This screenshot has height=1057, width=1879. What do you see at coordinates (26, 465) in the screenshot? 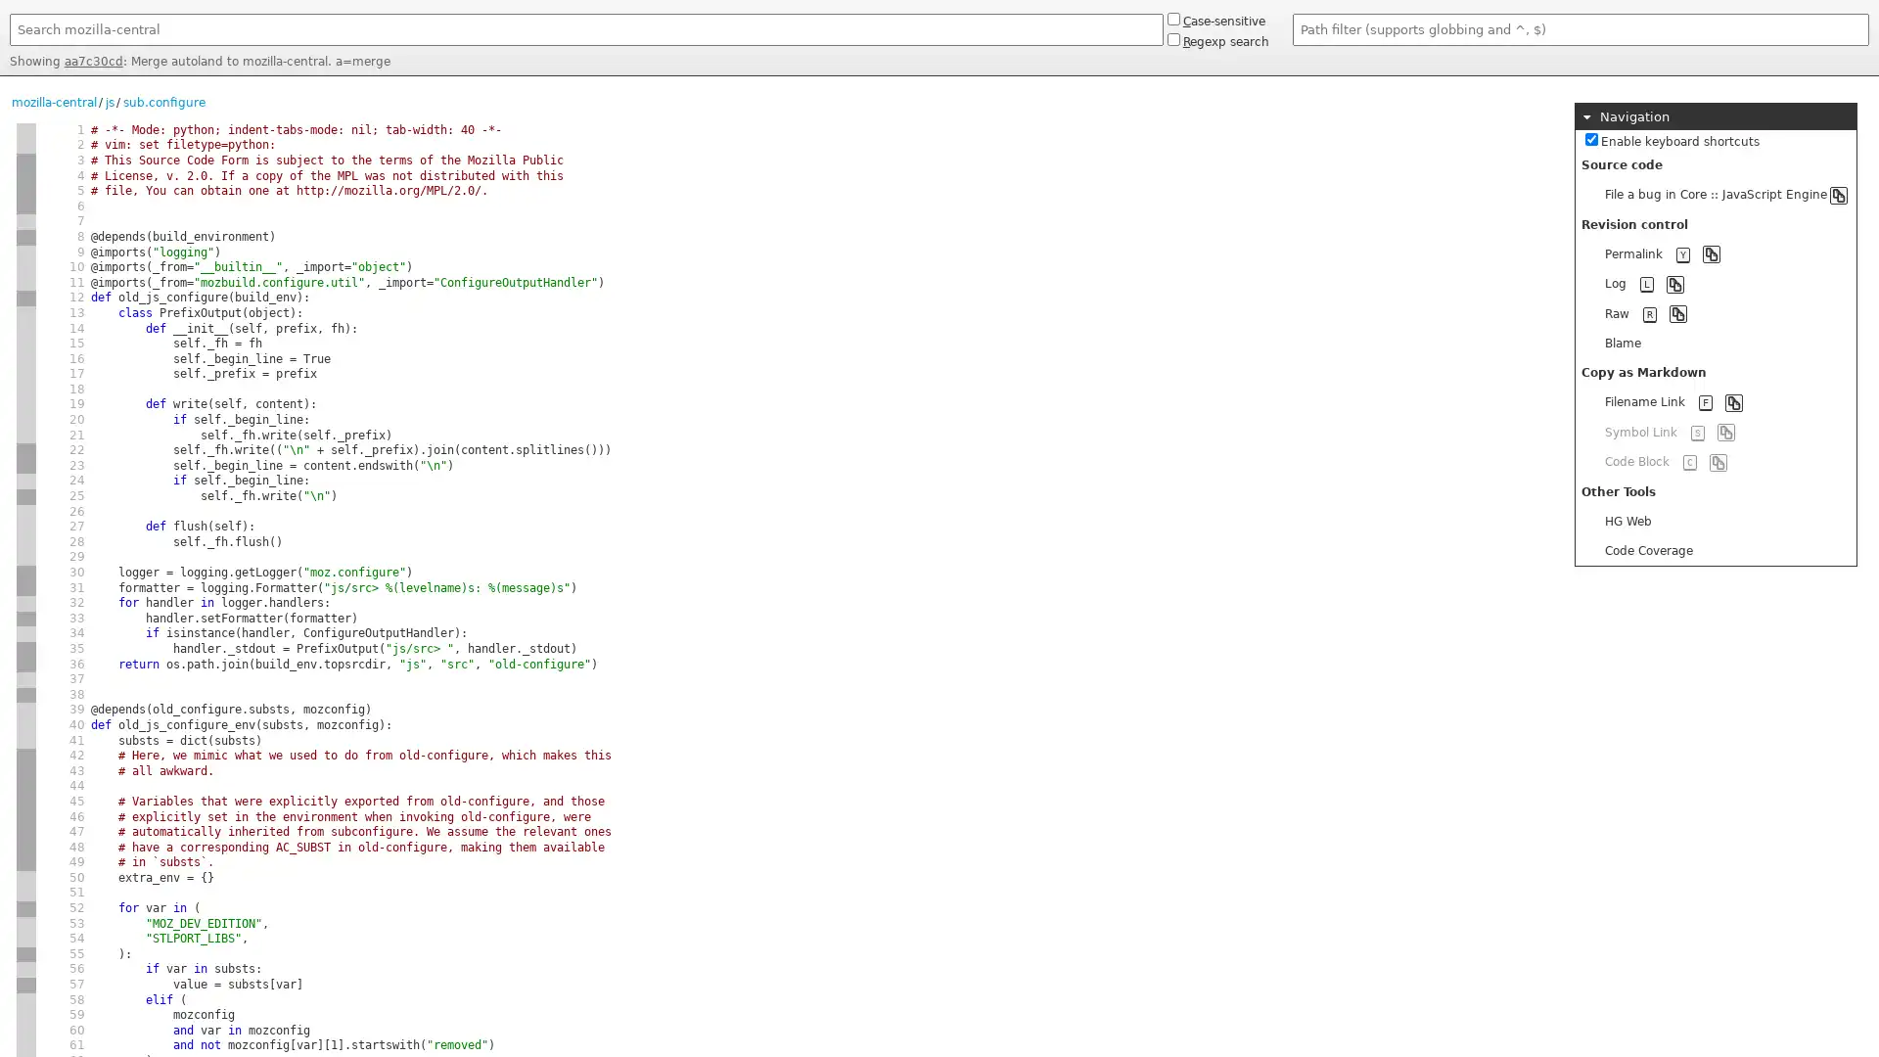
I see `same hash 3` at bounding box center [26, 465].